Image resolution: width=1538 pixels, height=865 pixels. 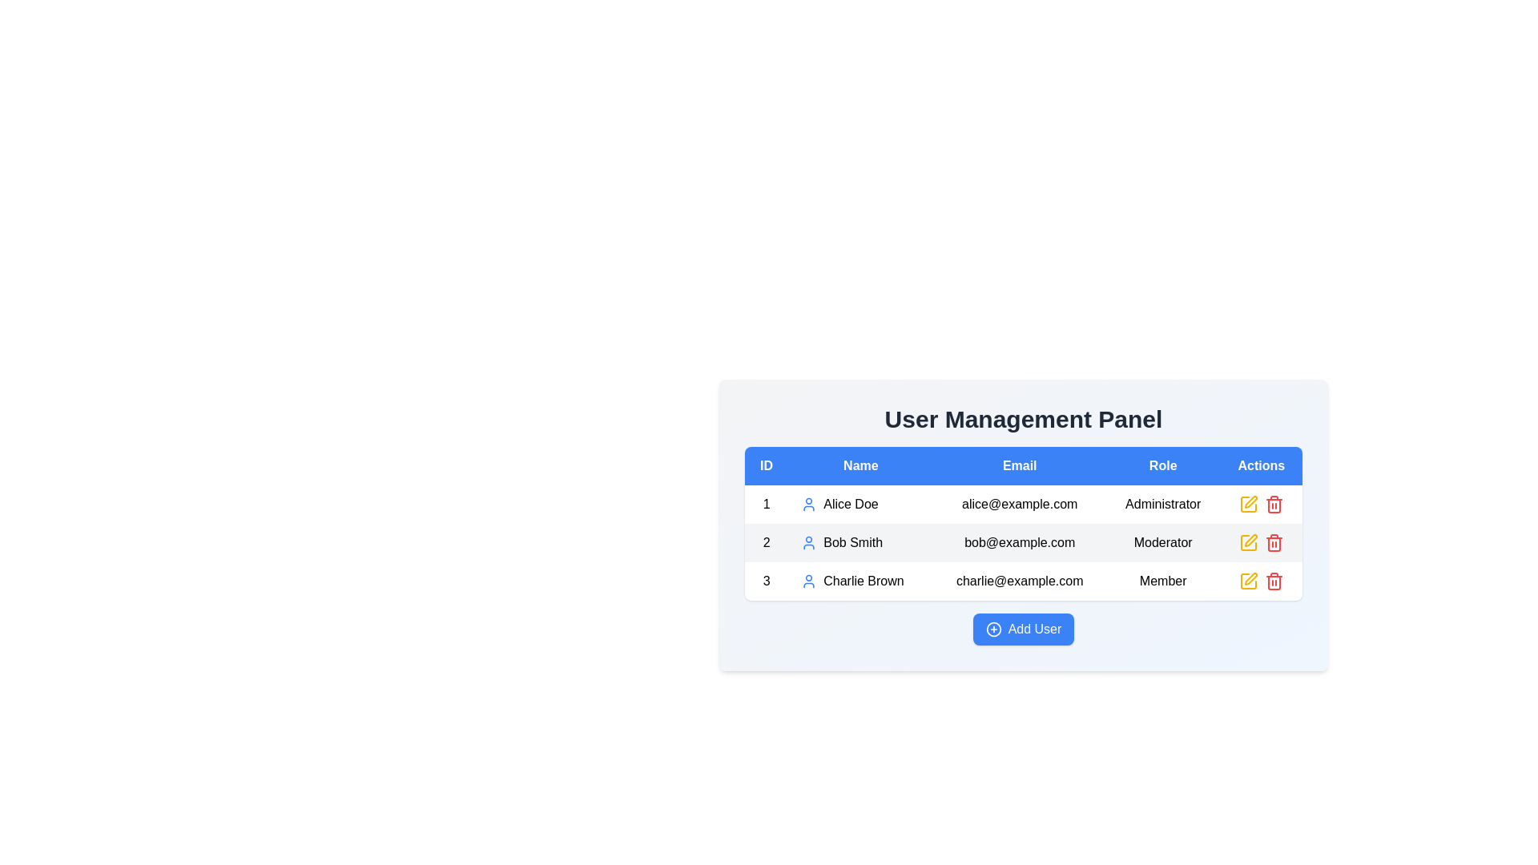 I want to click on the red trash bin icon, so click(x=1260, y=581).